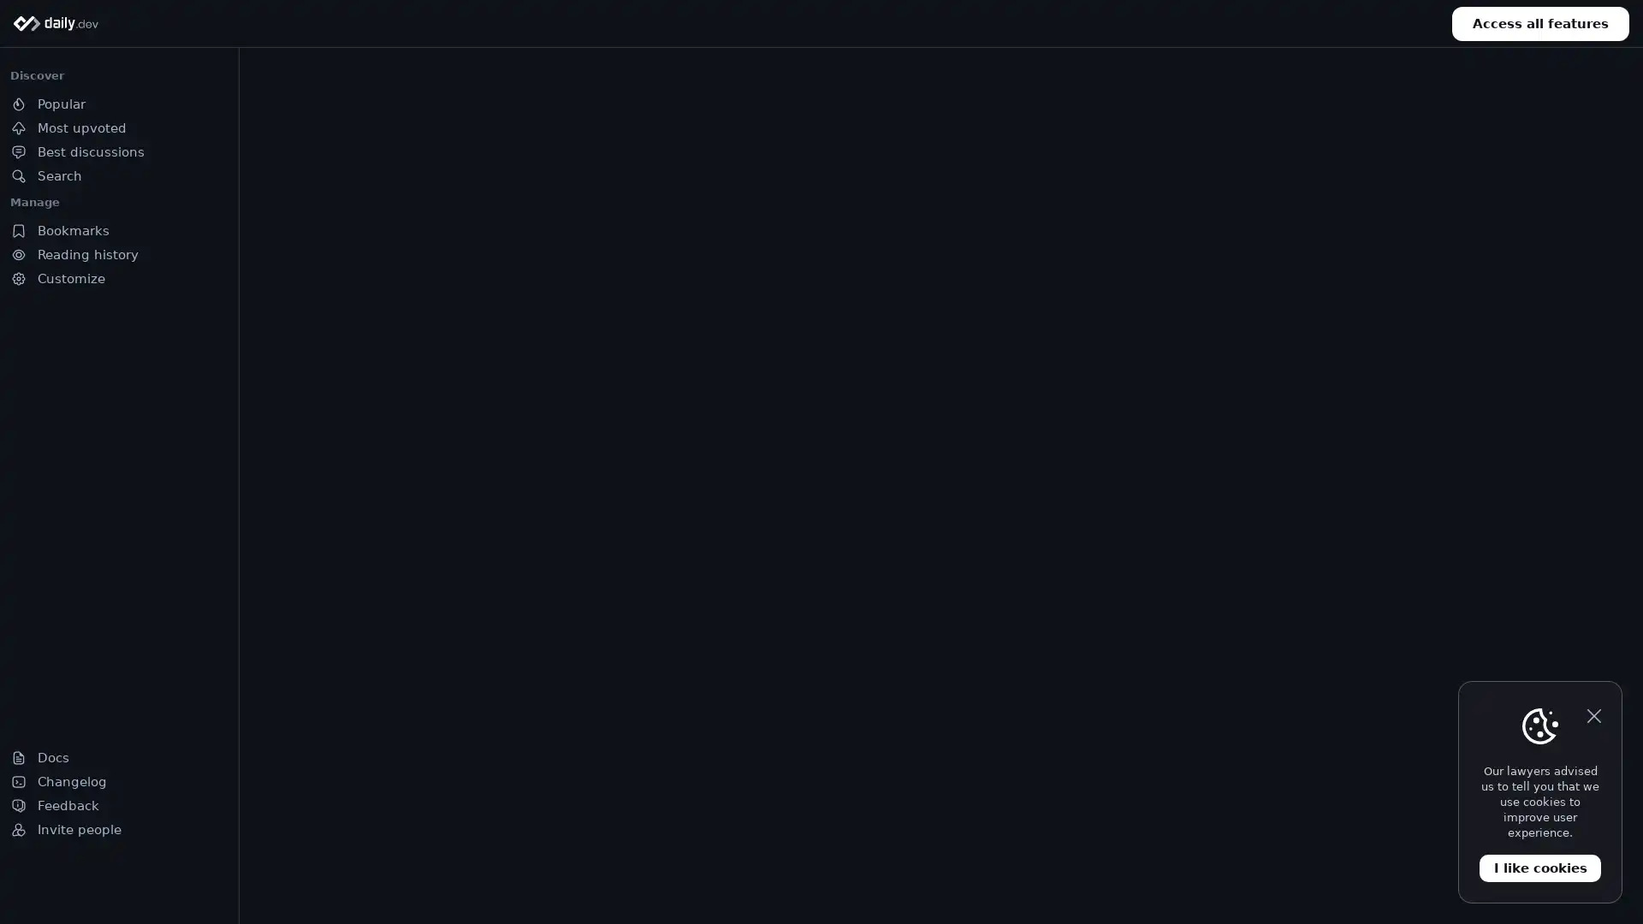 The height and width of the screenshot is (924, 1643). What do you see at coordinates (1392, 478) in the screenshot?
I see `Comments` at bounding box center [1392, 478].